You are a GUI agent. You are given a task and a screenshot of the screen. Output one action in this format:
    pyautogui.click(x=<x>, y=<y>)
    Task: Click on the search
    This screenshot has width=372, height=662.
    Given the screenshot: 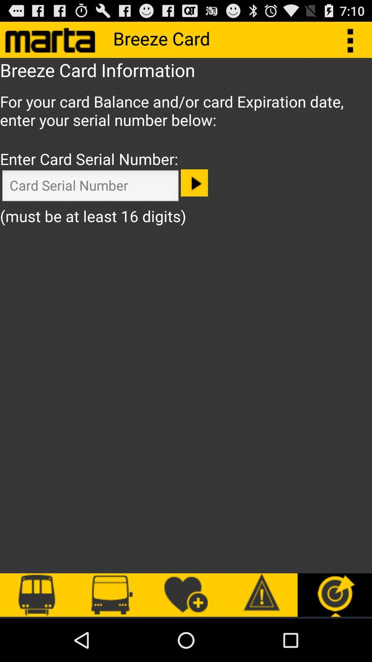 What is the action you would take?
    pyautogui.click(x=90, y=187)
    